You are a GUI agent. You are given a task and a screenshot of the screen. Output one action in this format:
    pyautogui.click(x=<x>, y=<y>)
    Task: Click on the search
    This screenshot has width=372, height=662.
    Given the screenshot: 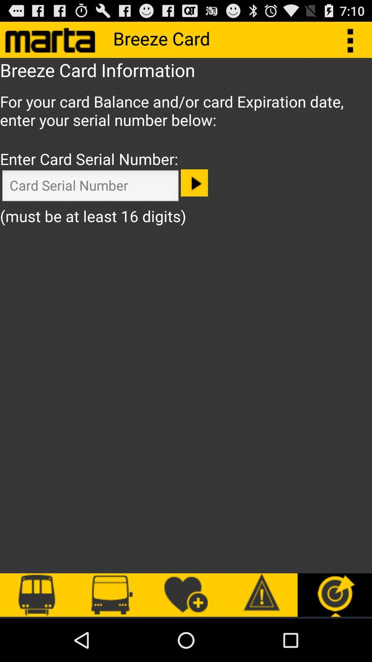 What is the action you would take?
    pyautogui.click(x=90, y=187)
    